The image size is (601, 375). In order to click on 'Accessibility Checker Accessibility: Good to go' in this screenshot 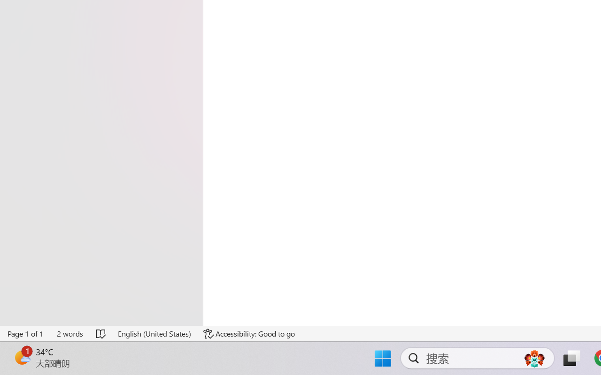, I will do `click(249, 333)`.